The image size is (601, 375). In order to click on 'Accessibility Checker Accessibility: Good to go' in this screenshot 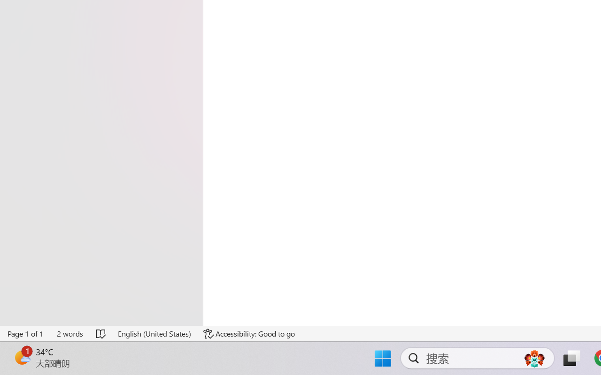, I will do `click(249, 333)`.